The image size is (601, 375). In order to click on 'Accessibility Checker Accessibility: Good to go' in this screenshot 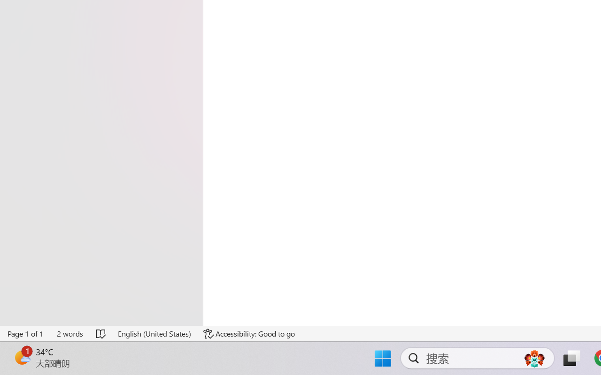, I will do `click(249, 333)`.